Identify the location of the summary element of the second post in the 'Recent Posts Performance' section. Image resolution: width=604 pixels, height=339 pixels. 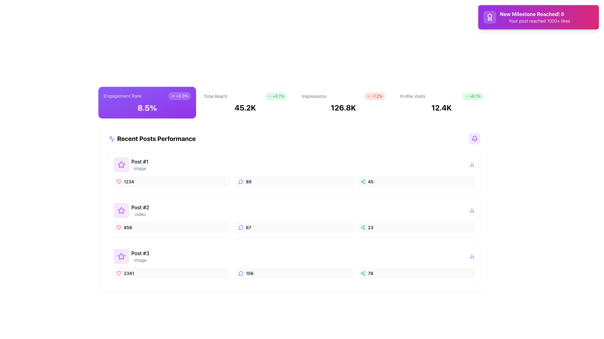
(131, 211).